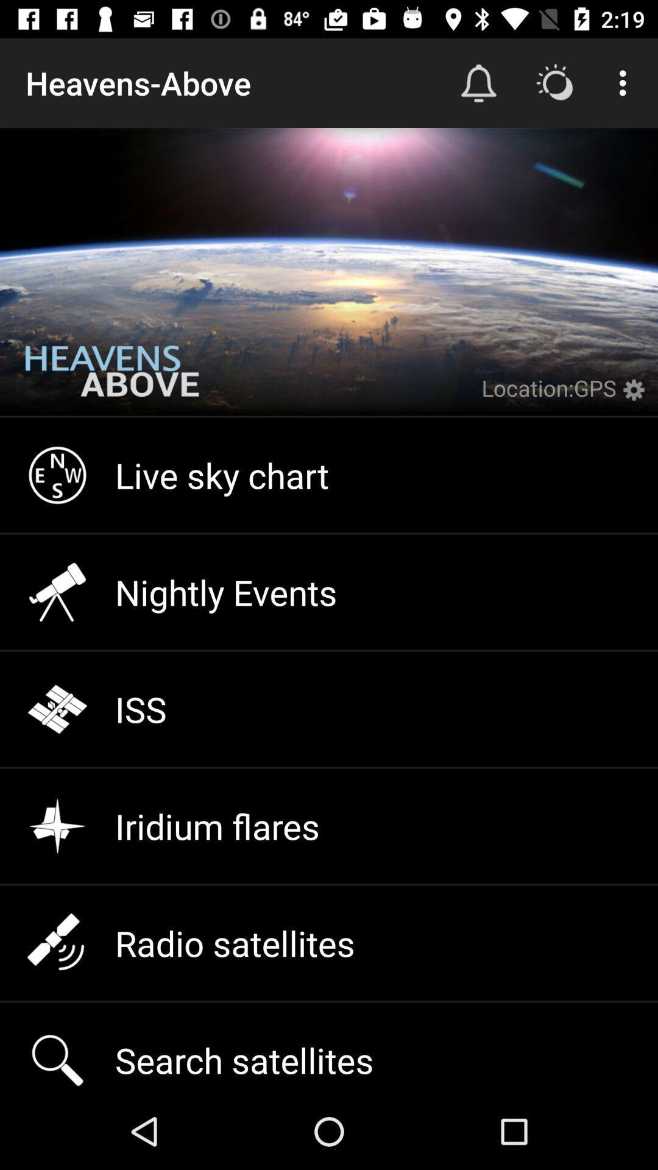  Describe the element at coordinates (329, 1047) in the screenshot. I see `icon below the radio satellites icon` at that location.